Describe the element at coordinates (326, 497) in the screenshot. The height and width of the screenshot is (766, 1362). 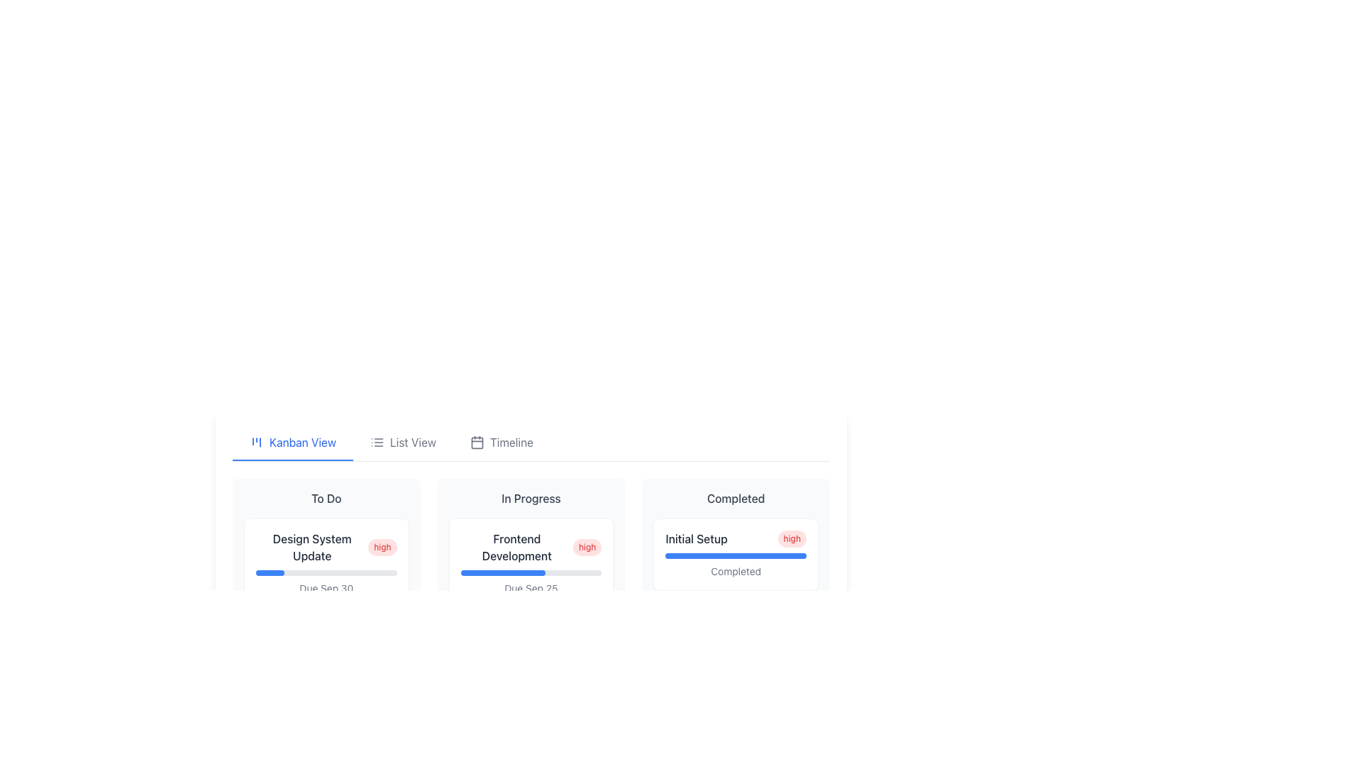
I see `the 'To Do' label, which is the header for the task list in the leftmost column of the Kanban board` at that location.